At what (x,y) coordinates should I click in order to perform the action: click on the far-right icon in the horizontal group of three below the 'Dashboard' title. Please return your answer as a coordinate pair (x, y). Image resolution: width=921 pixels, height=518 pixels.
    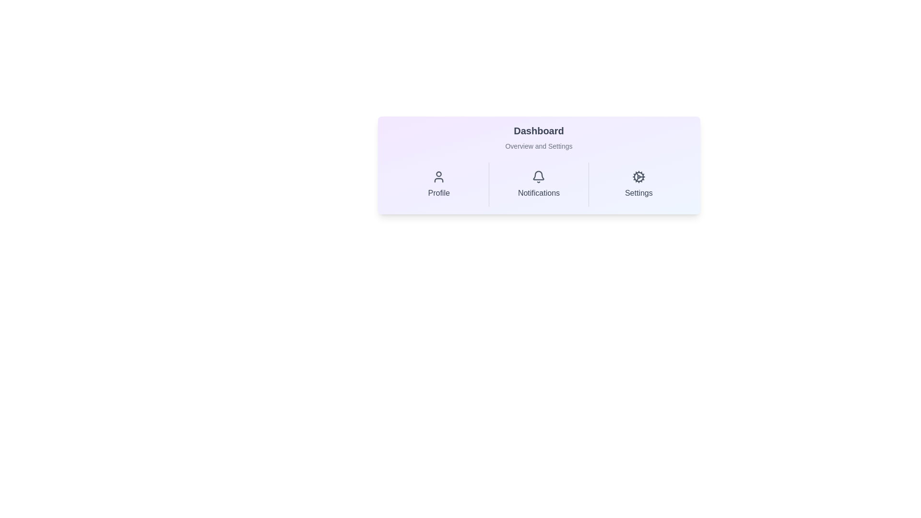
    Looking at the image, I should click on (638, 177).